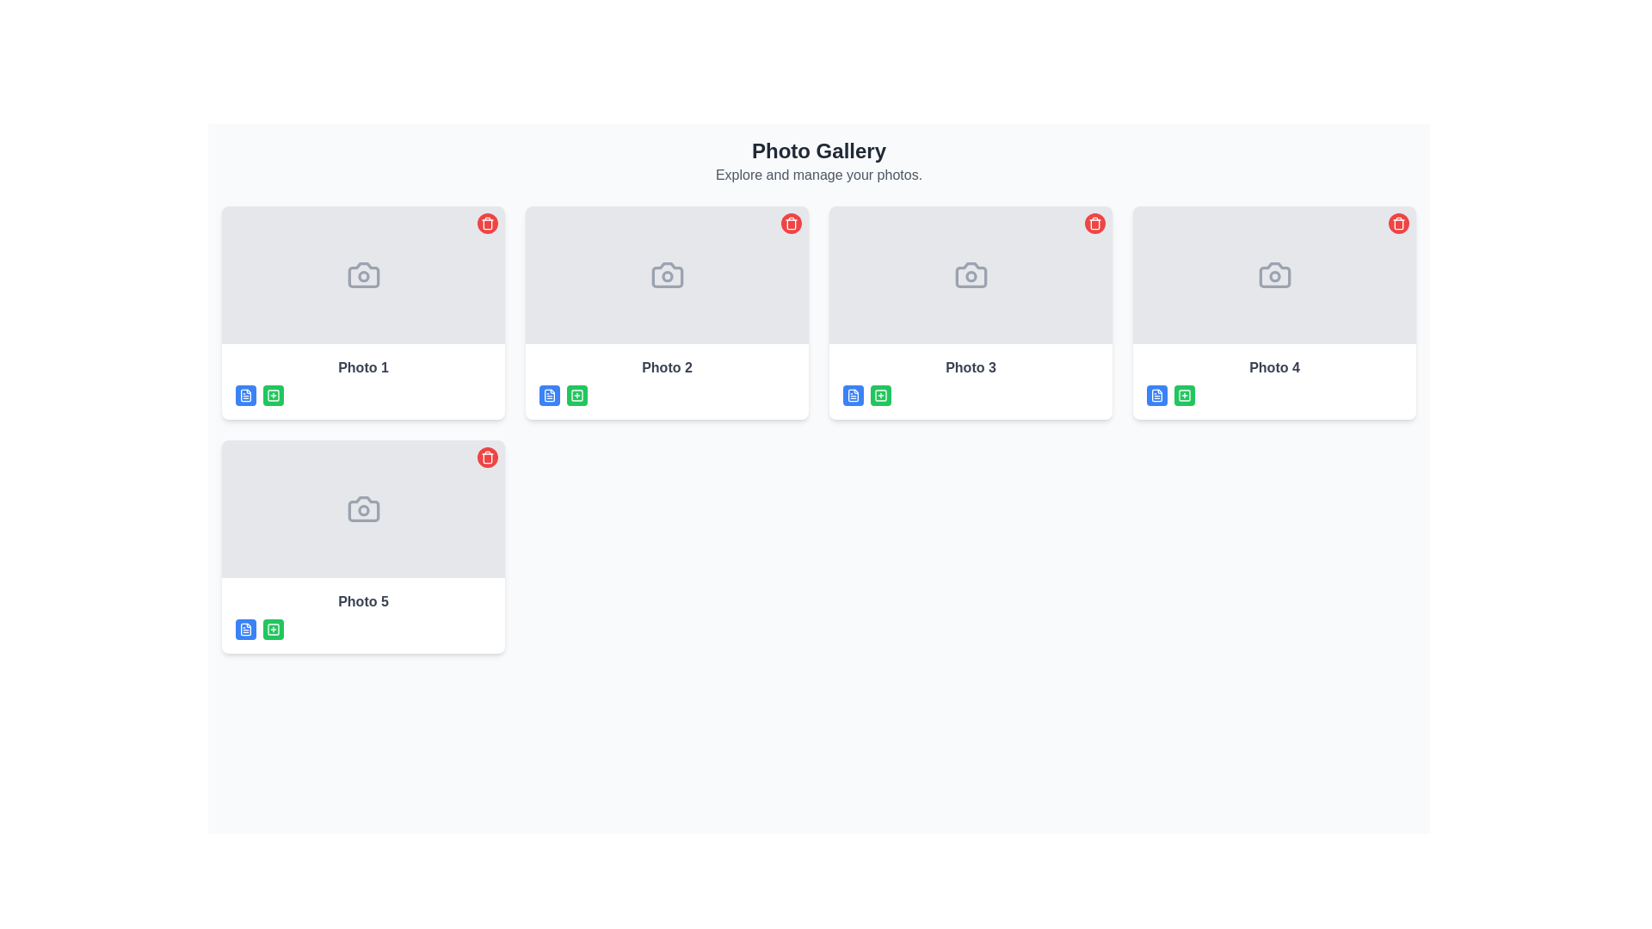 Image resolution: width=1652 pixels, height=929 pixels. Describe the element at coordinates (362, 509) in the screenshot. I see `the small decorative circular shape located at the center of the camera icon within the 'Photo 5' card in the 'Photo Gallery' section` at that location.